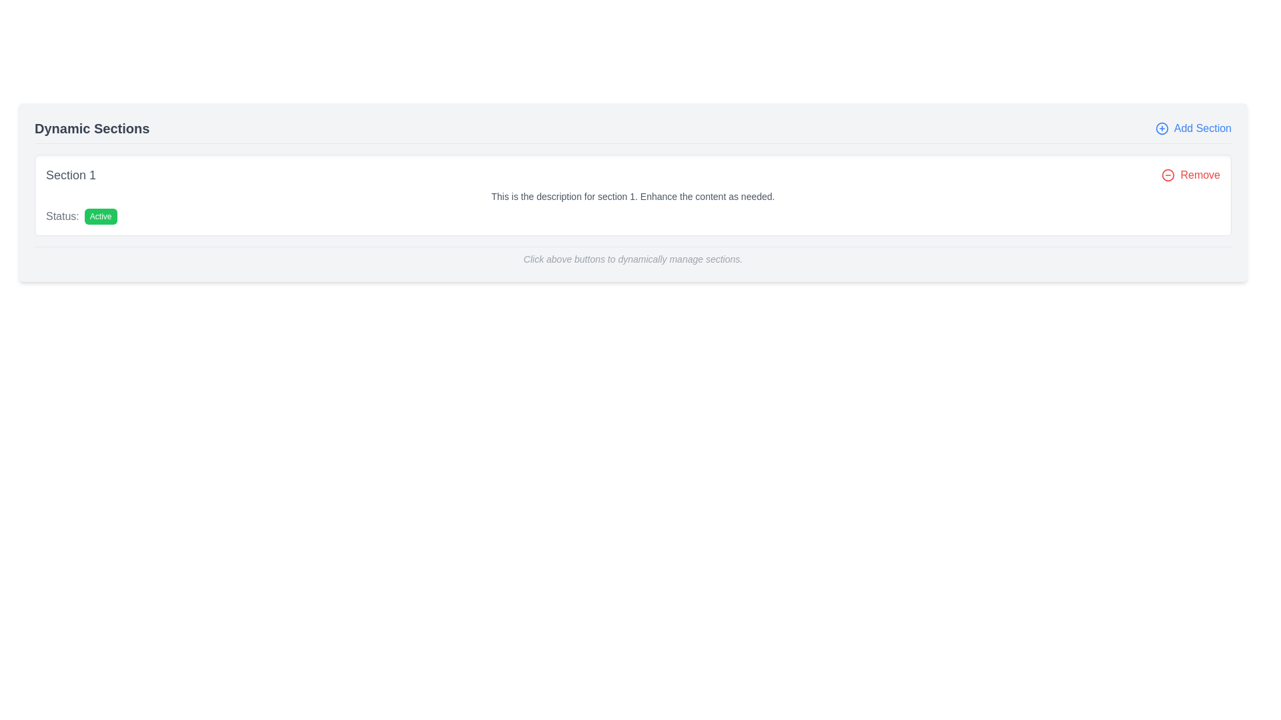 The height and width of the screenshot is (720, 1281). I want to click on the hollow circular minus icon located next to the 'Remove' label in 'Section 1' of the UI, so click(1168, 174).